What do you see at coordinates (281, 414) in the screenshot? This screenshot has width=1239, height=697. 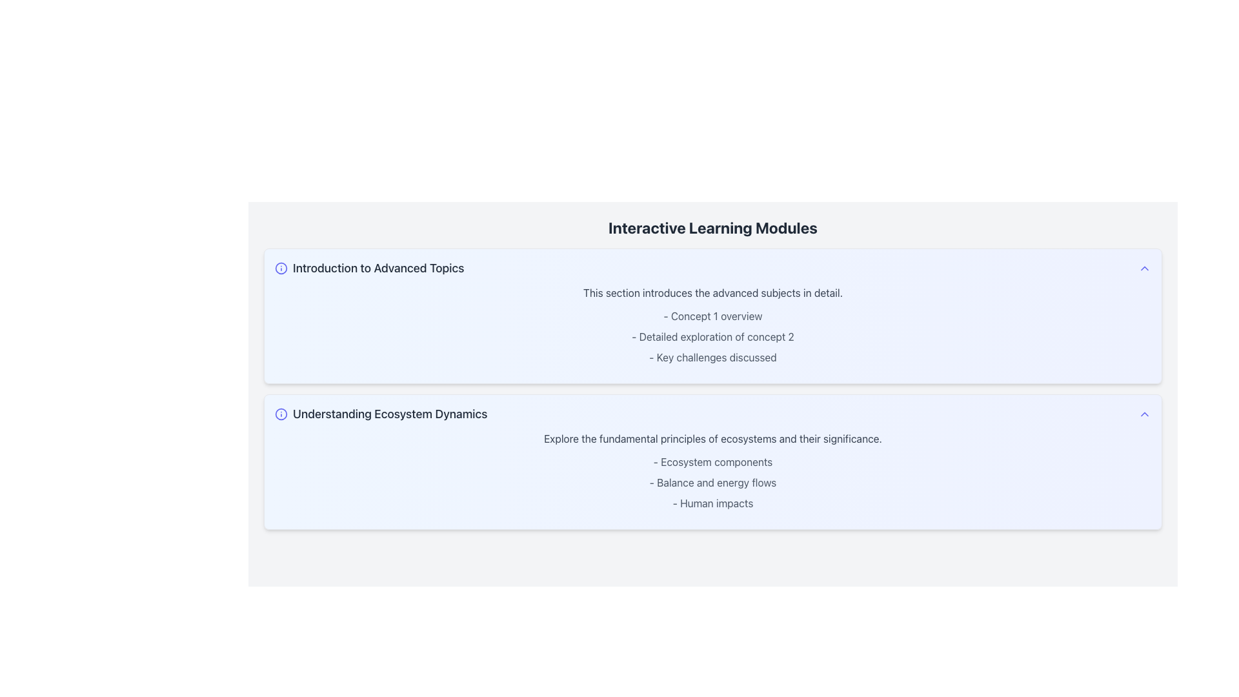 I see `the informational icon located at the top-left corner of the 'Understanding Ecosystem Dynamics' card, which provides additional details when interacted with` at bounding box center [281, 414].